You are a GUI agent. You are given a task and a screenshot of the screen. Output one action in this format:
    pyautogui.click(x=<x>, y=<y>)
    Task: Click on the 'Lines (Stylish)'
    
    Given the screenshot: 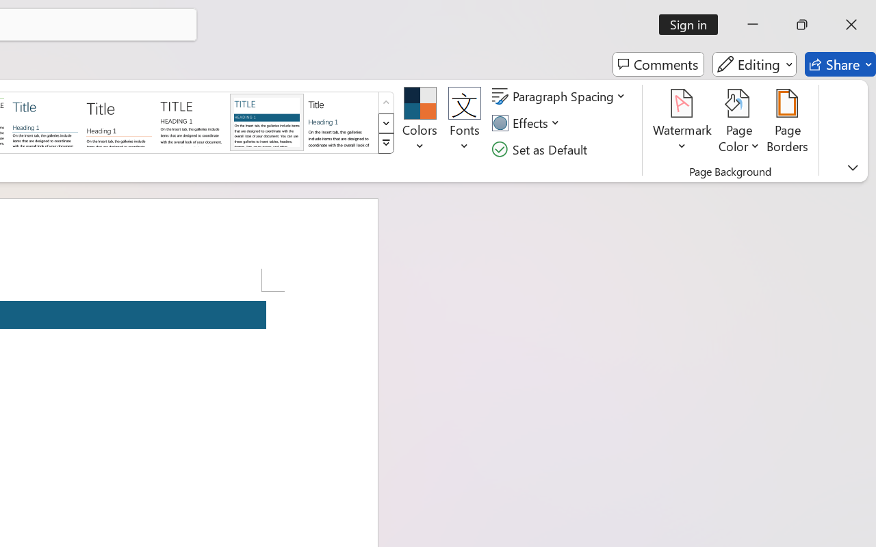 What is the action you would take?
    pyautogui.click(x=119, y=121)
    